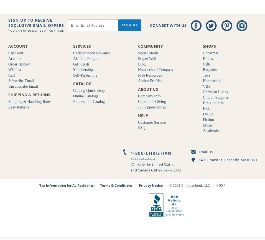 The image size is (265, 240). I want to click on ')', so click(180, 170).